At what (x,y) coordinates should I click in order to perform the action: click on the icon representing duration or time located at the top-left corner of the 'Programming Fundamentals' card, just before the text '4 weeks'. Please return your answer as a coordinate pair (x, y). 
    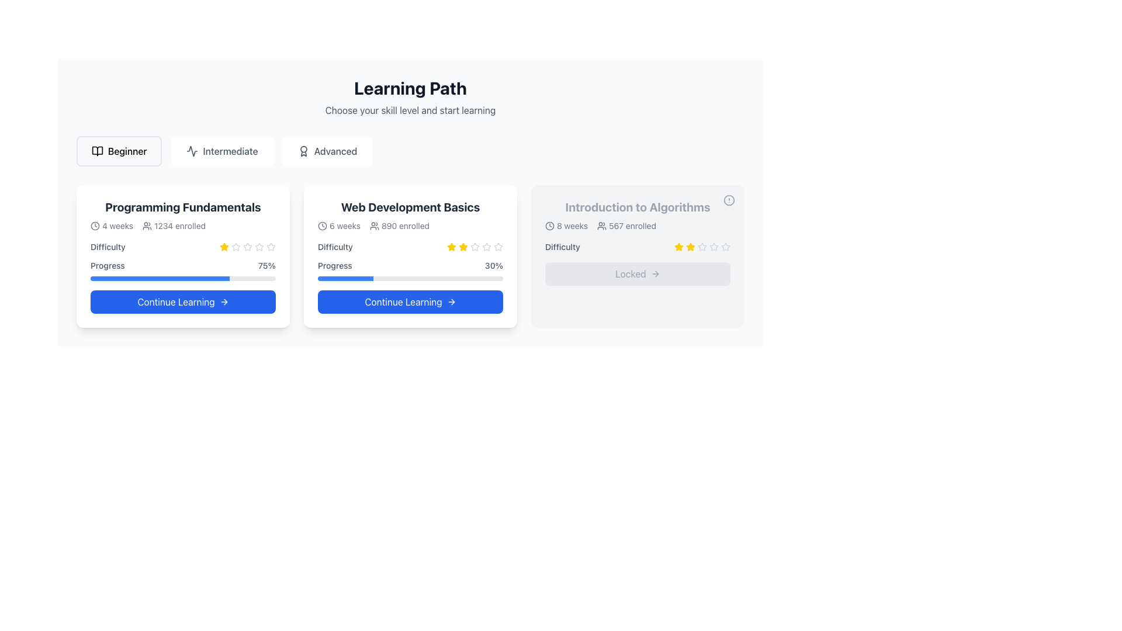
    Looking at the image, I should click on (95, 226).